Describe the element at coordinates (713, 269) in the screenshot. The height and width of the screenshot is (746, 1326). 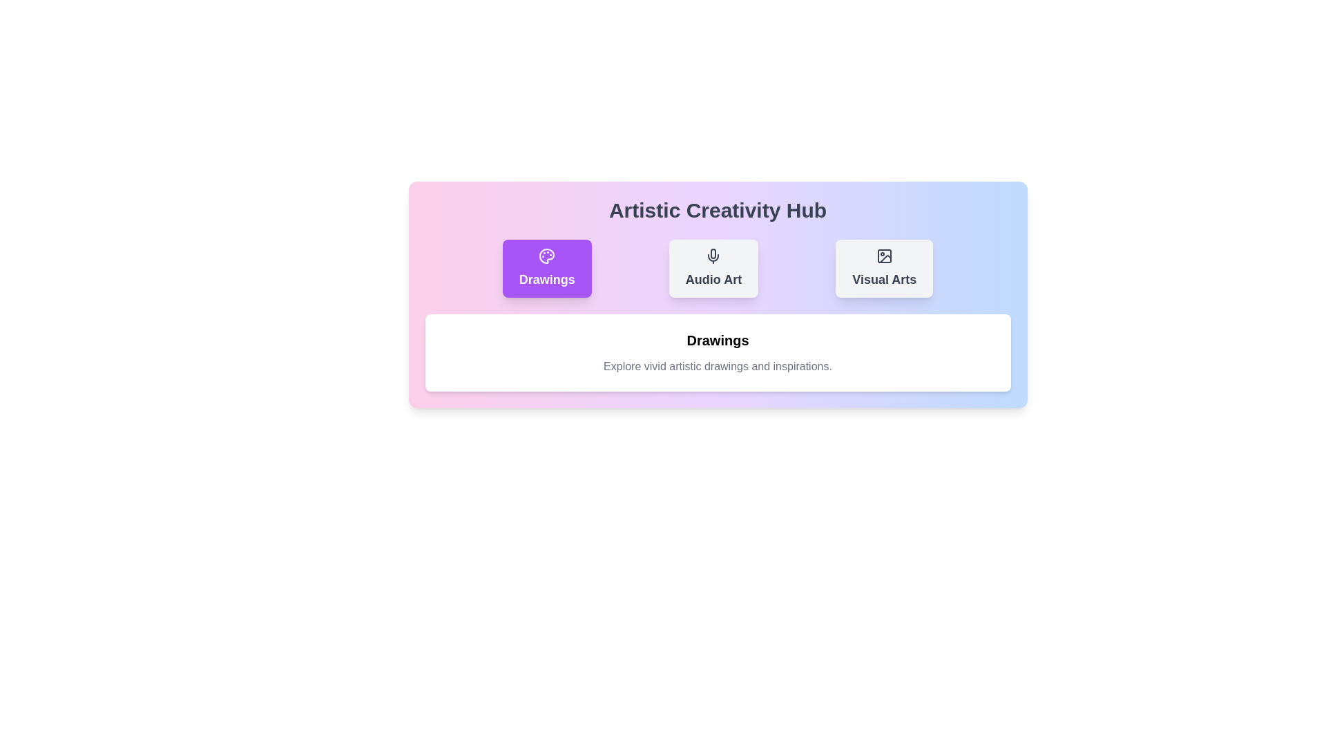
I see `the tab labeled Audio Art` at that location.